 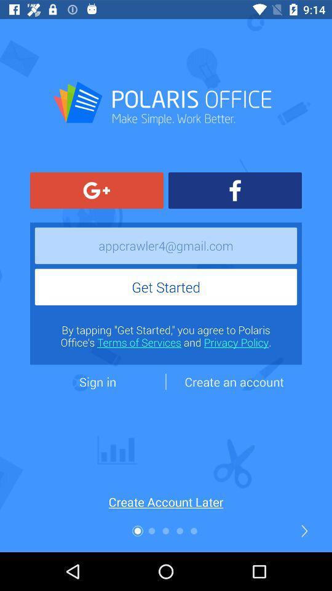 What do you see at coordinates (304, 530) in the screenshot?
I see `the arrow_forward icon` at bounding box center [304, 530].